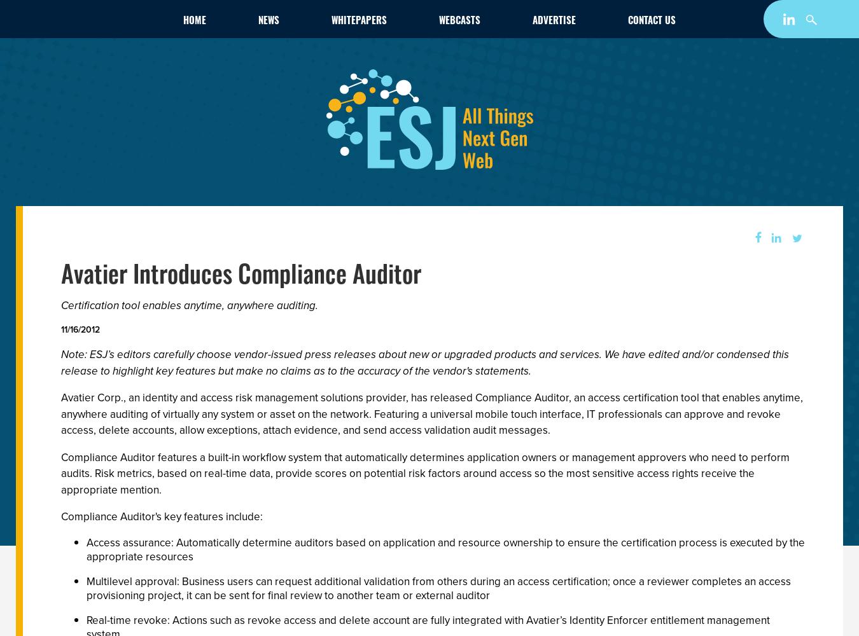 The height and width of the screenshot is (636, 859). What do you see at coordinates (425, 473) in the screenshot?
I see `'Compliance Auditor features a built-in workflow system that automatically determines application owners or management approvers who need to perform audits. Risk metrics, based on real-time data, provide scores on potential risk factors around access so the most sensitive access rights receive the appropriate mention.'` at bounding box center [425, 473].